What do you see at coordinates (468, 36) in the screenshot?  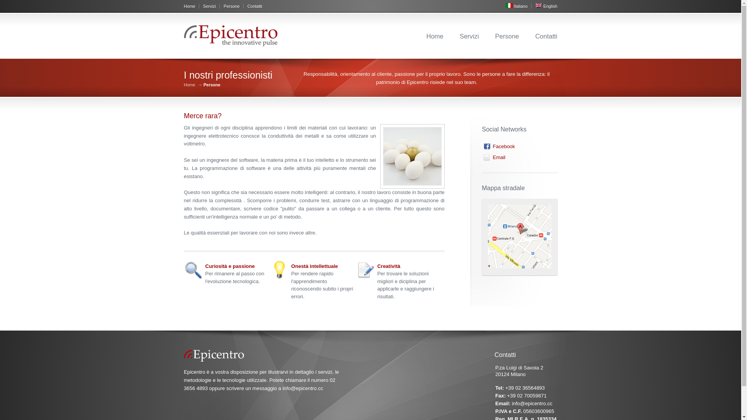 I see `'Servizi'` at bounding box center [468, 36].